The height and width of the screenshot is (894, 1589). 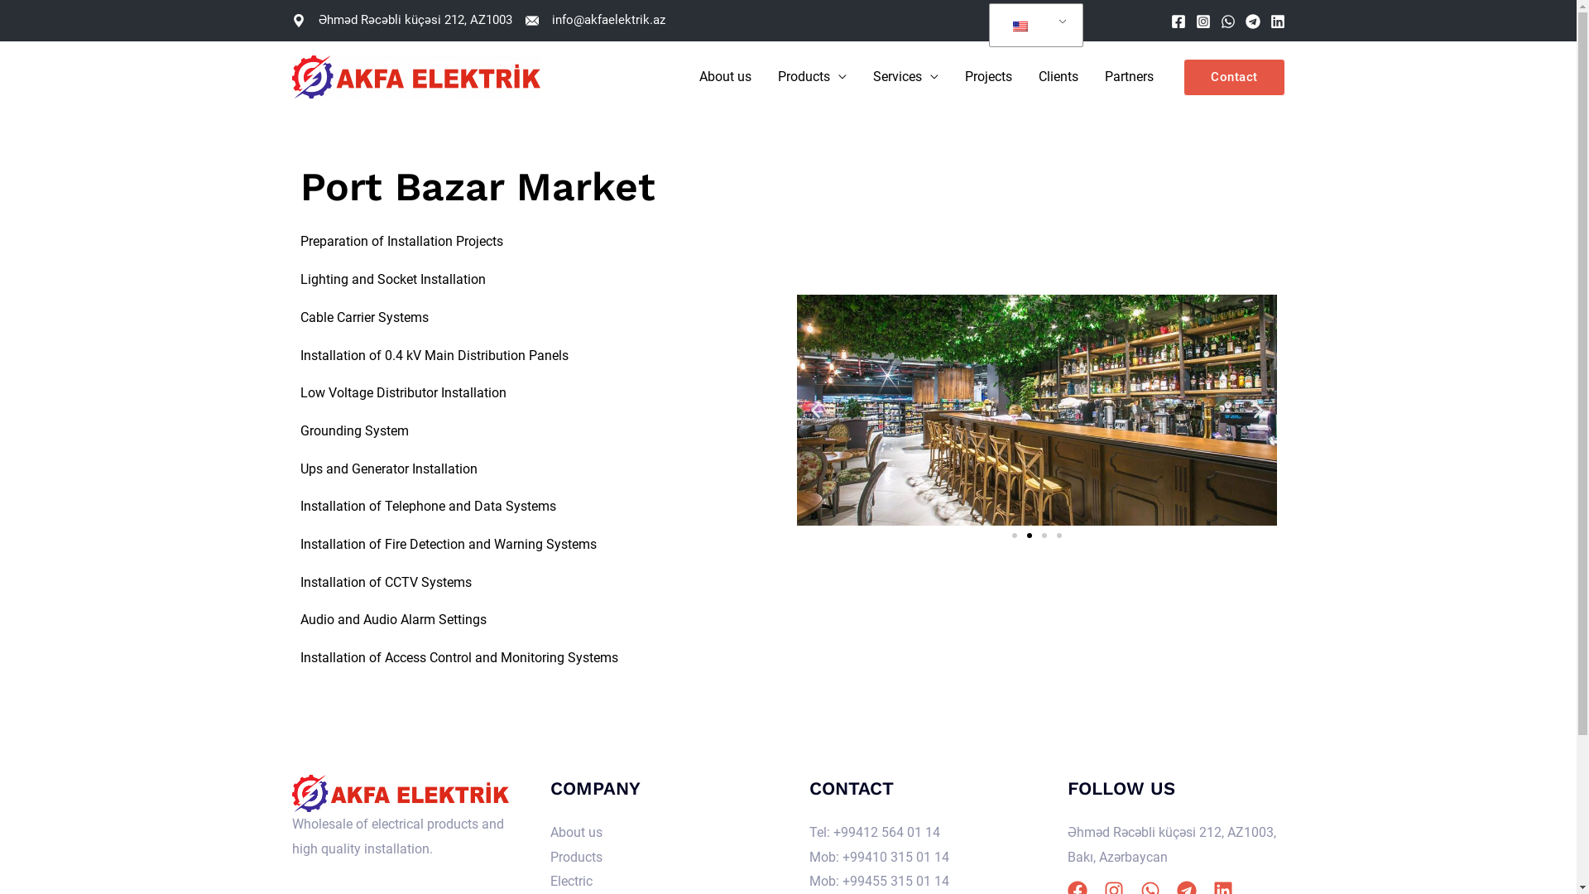 What do you see at coordinates (1020, 26) in the screenshot?
I see `'English'` at bounding box center [1020, 26].